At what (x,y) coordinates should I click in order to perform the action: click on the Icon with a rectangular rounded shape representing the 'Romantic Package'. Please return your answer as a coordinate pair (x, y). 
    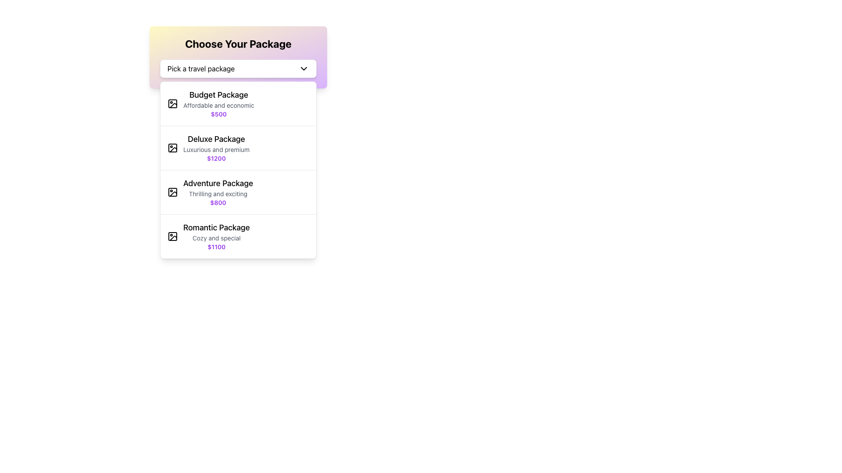
    Looking at the image, I should click on (172, 236).